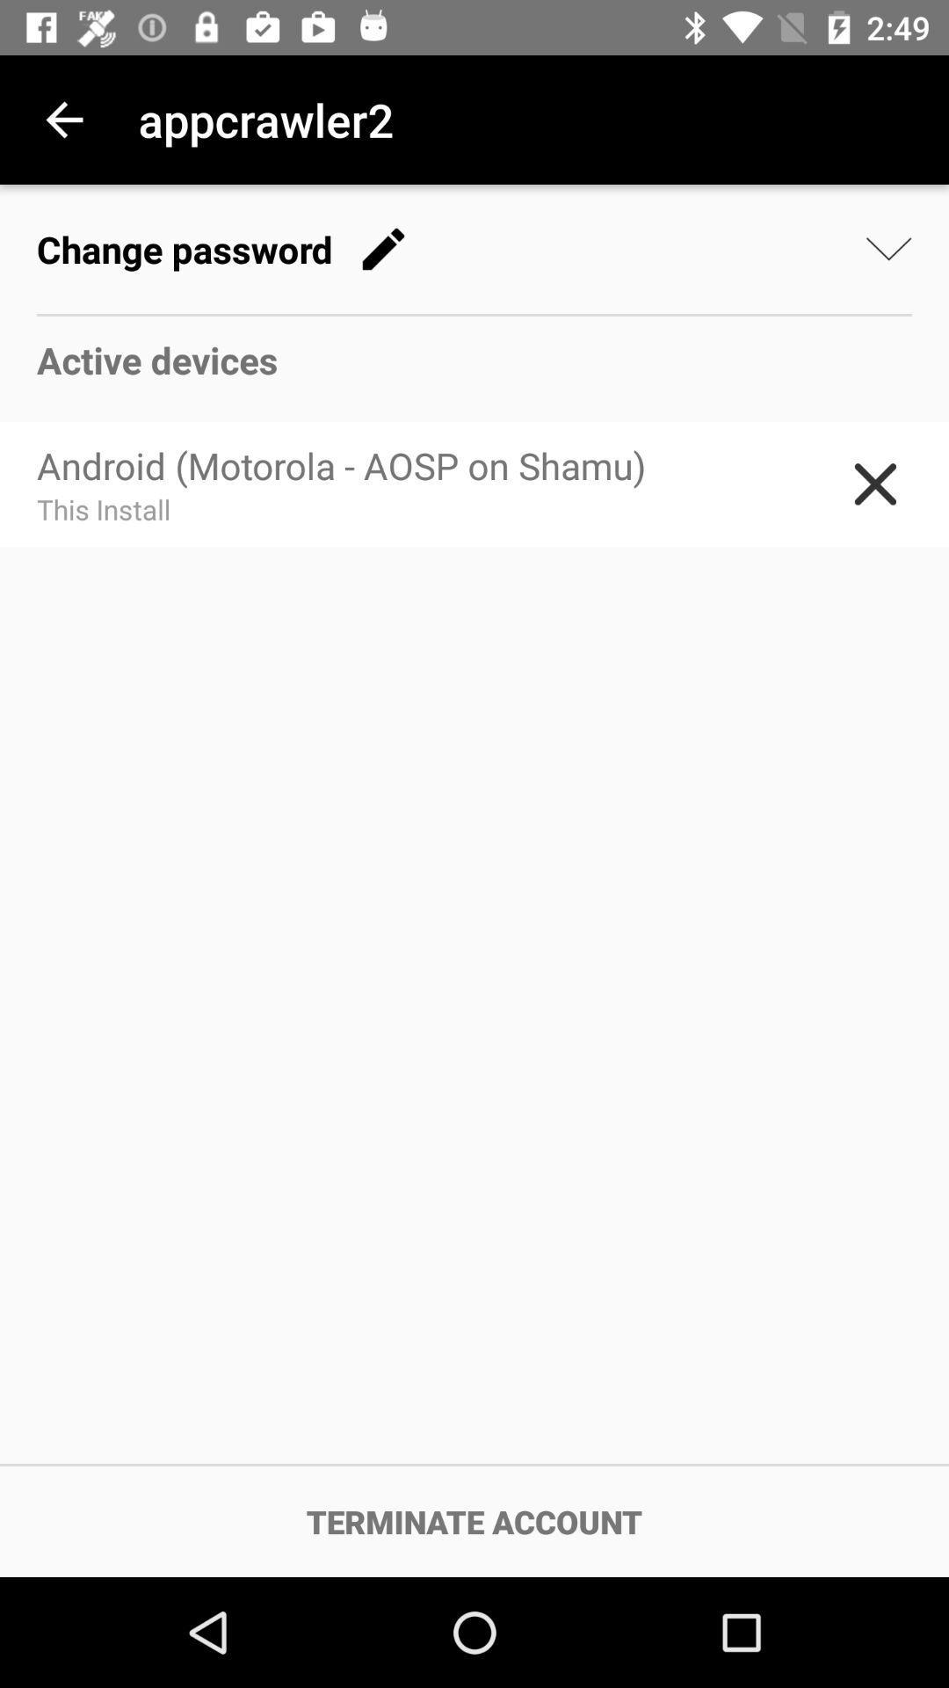 This screenshot has height=1688, width=949. What do you see at coordinates (63, 119) in the screenshot?
I see `the app to the left of the appcrawler2 item` at bounding box center [63, 119].